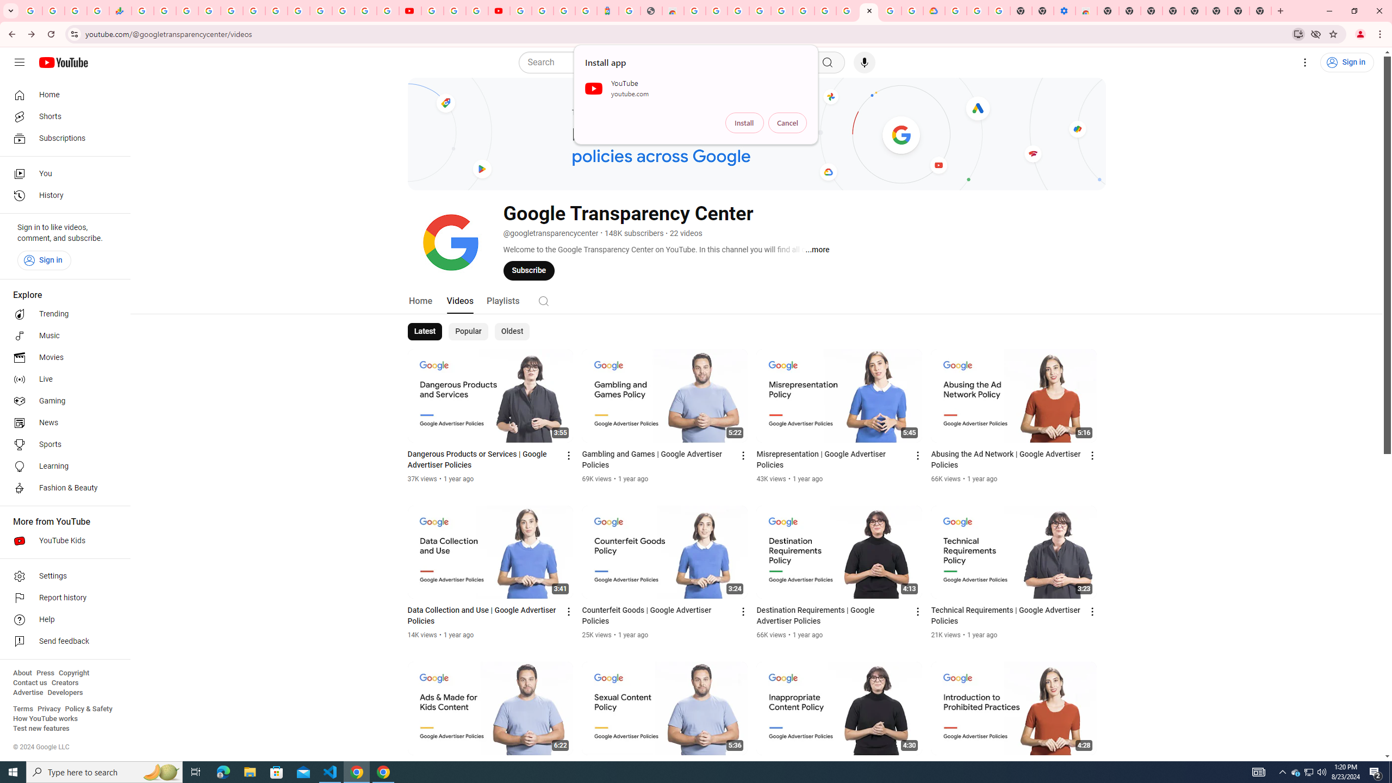 The width and height of the screenshot is (1392, 783). What do you see at coordinates (61, 575) in the screenshot?
I see `'Settings'` at bounding box center [61, 575].